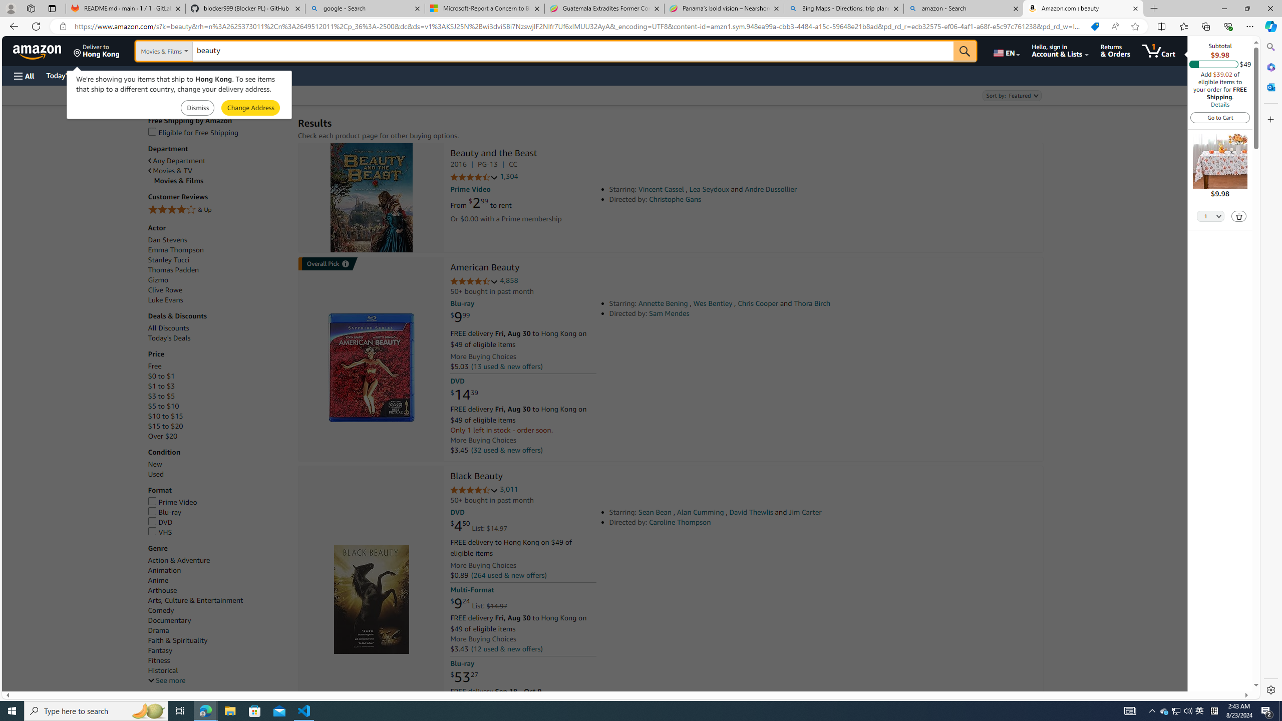  What do you see at coordinates (478, 604) in the screenshot?
I see `'$9.24 List: $14.97'` at bounding box center [478, 604].